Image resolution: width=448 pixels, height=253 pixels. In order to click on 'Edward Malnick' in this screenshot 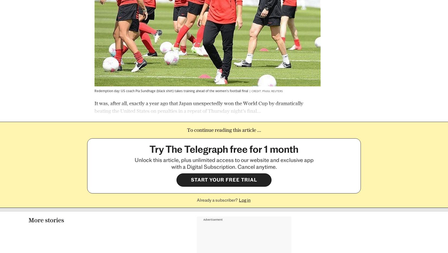, I will do `click(312, 205)`.